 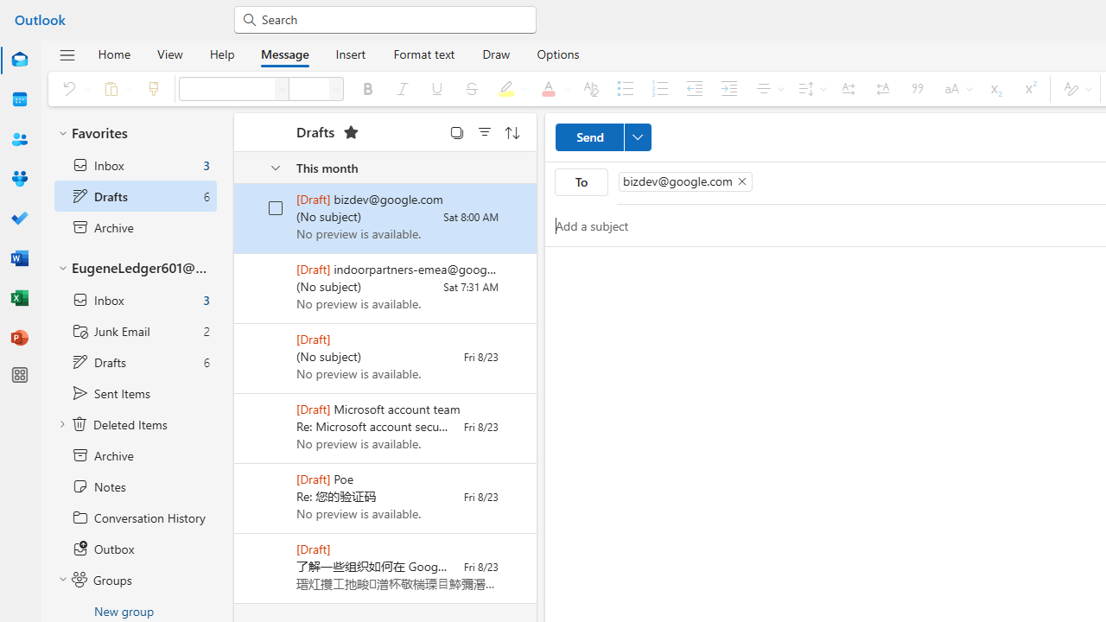 What do you see at coordinates (603, 136) in the screenshot?
I see `'Send'` at bounding box center [603, 136].